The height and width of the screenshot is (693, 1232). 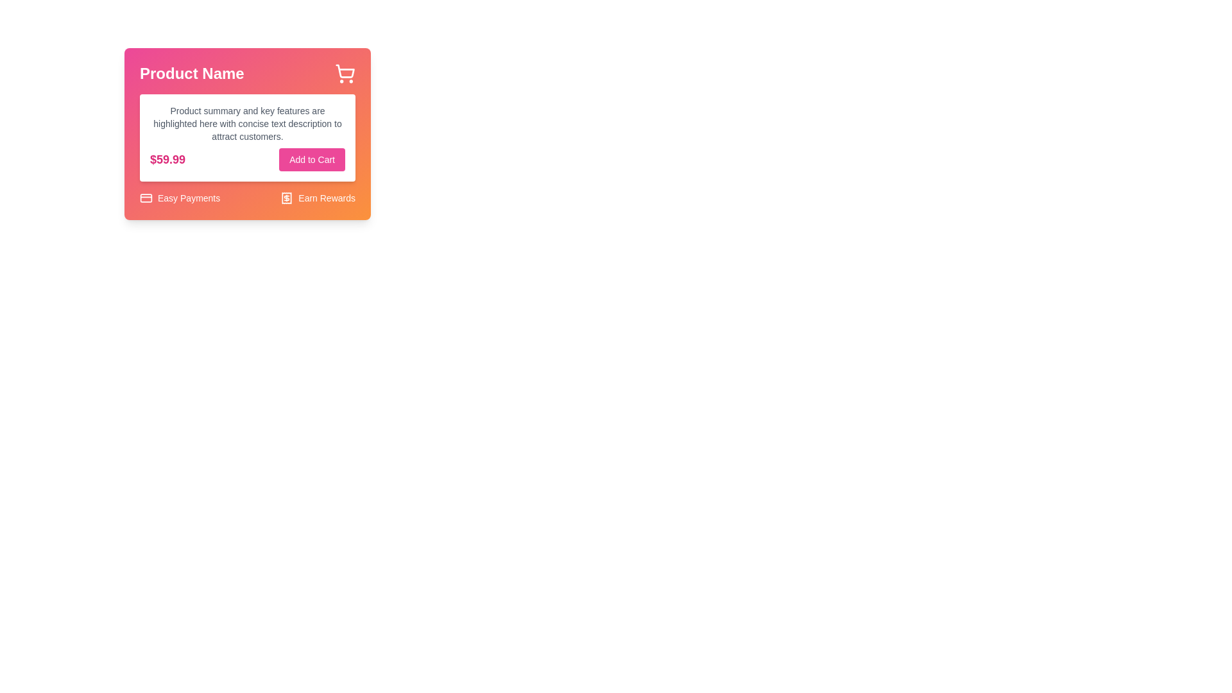 I want to click on the SVG icon that resembles a receipt, which is styled with a gradient orange background and a white outline, located to the left of the 'Earn Rewards' text, so click(x=286, y=198).